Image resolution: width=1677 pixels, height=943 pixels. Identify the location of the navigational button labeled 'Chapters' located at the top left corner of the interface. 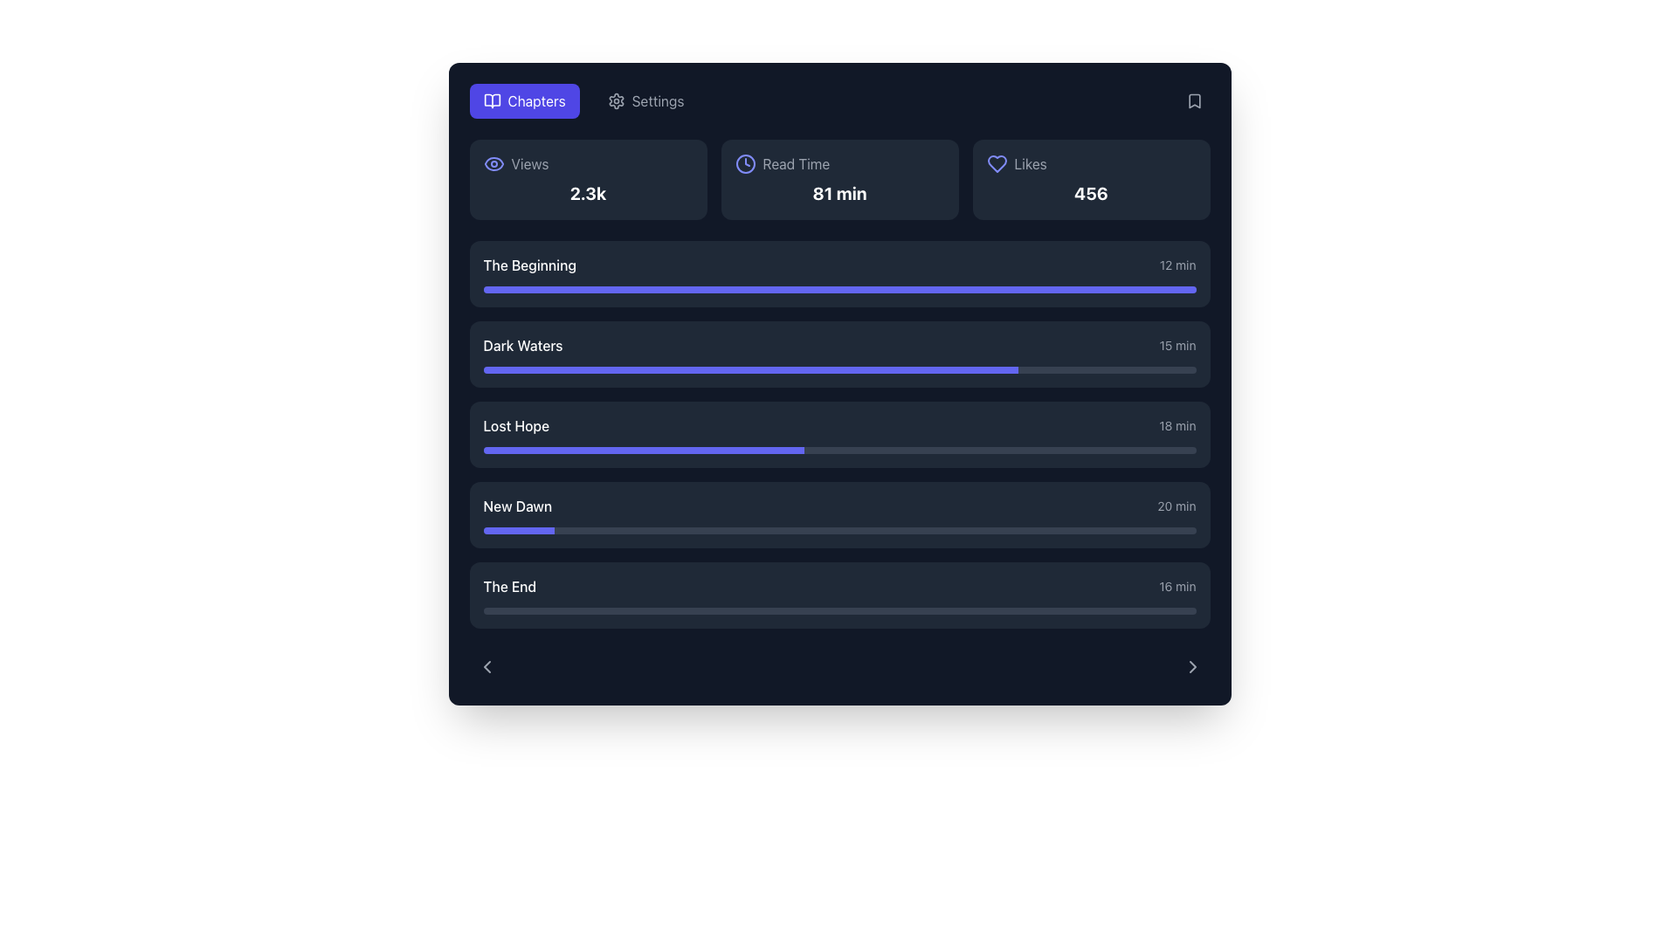
(535, 100).